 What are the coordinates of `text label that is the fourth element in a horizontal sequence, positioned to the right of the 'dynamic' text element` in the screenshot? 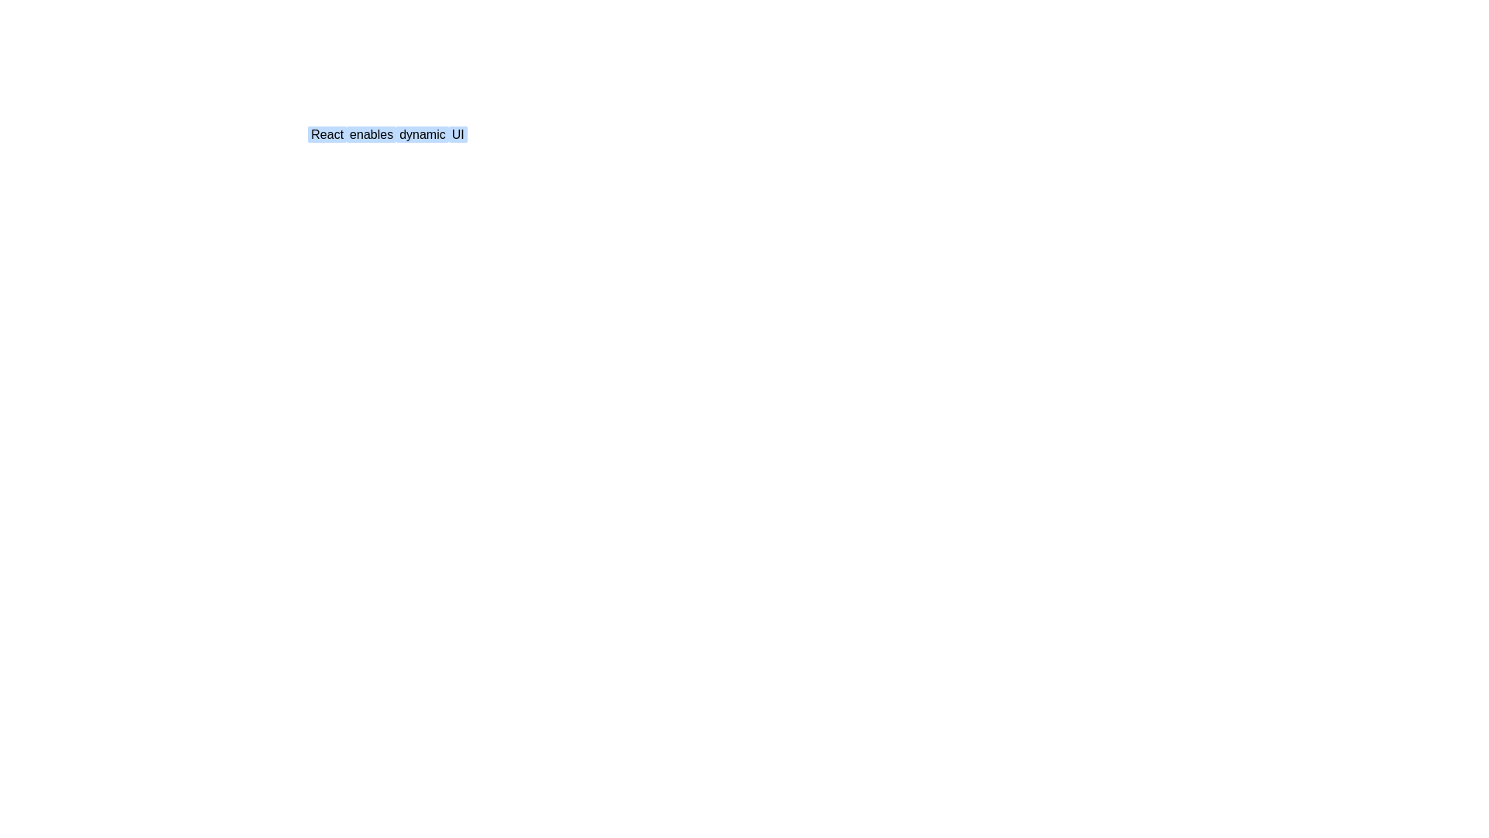 It's located at (457, 133).